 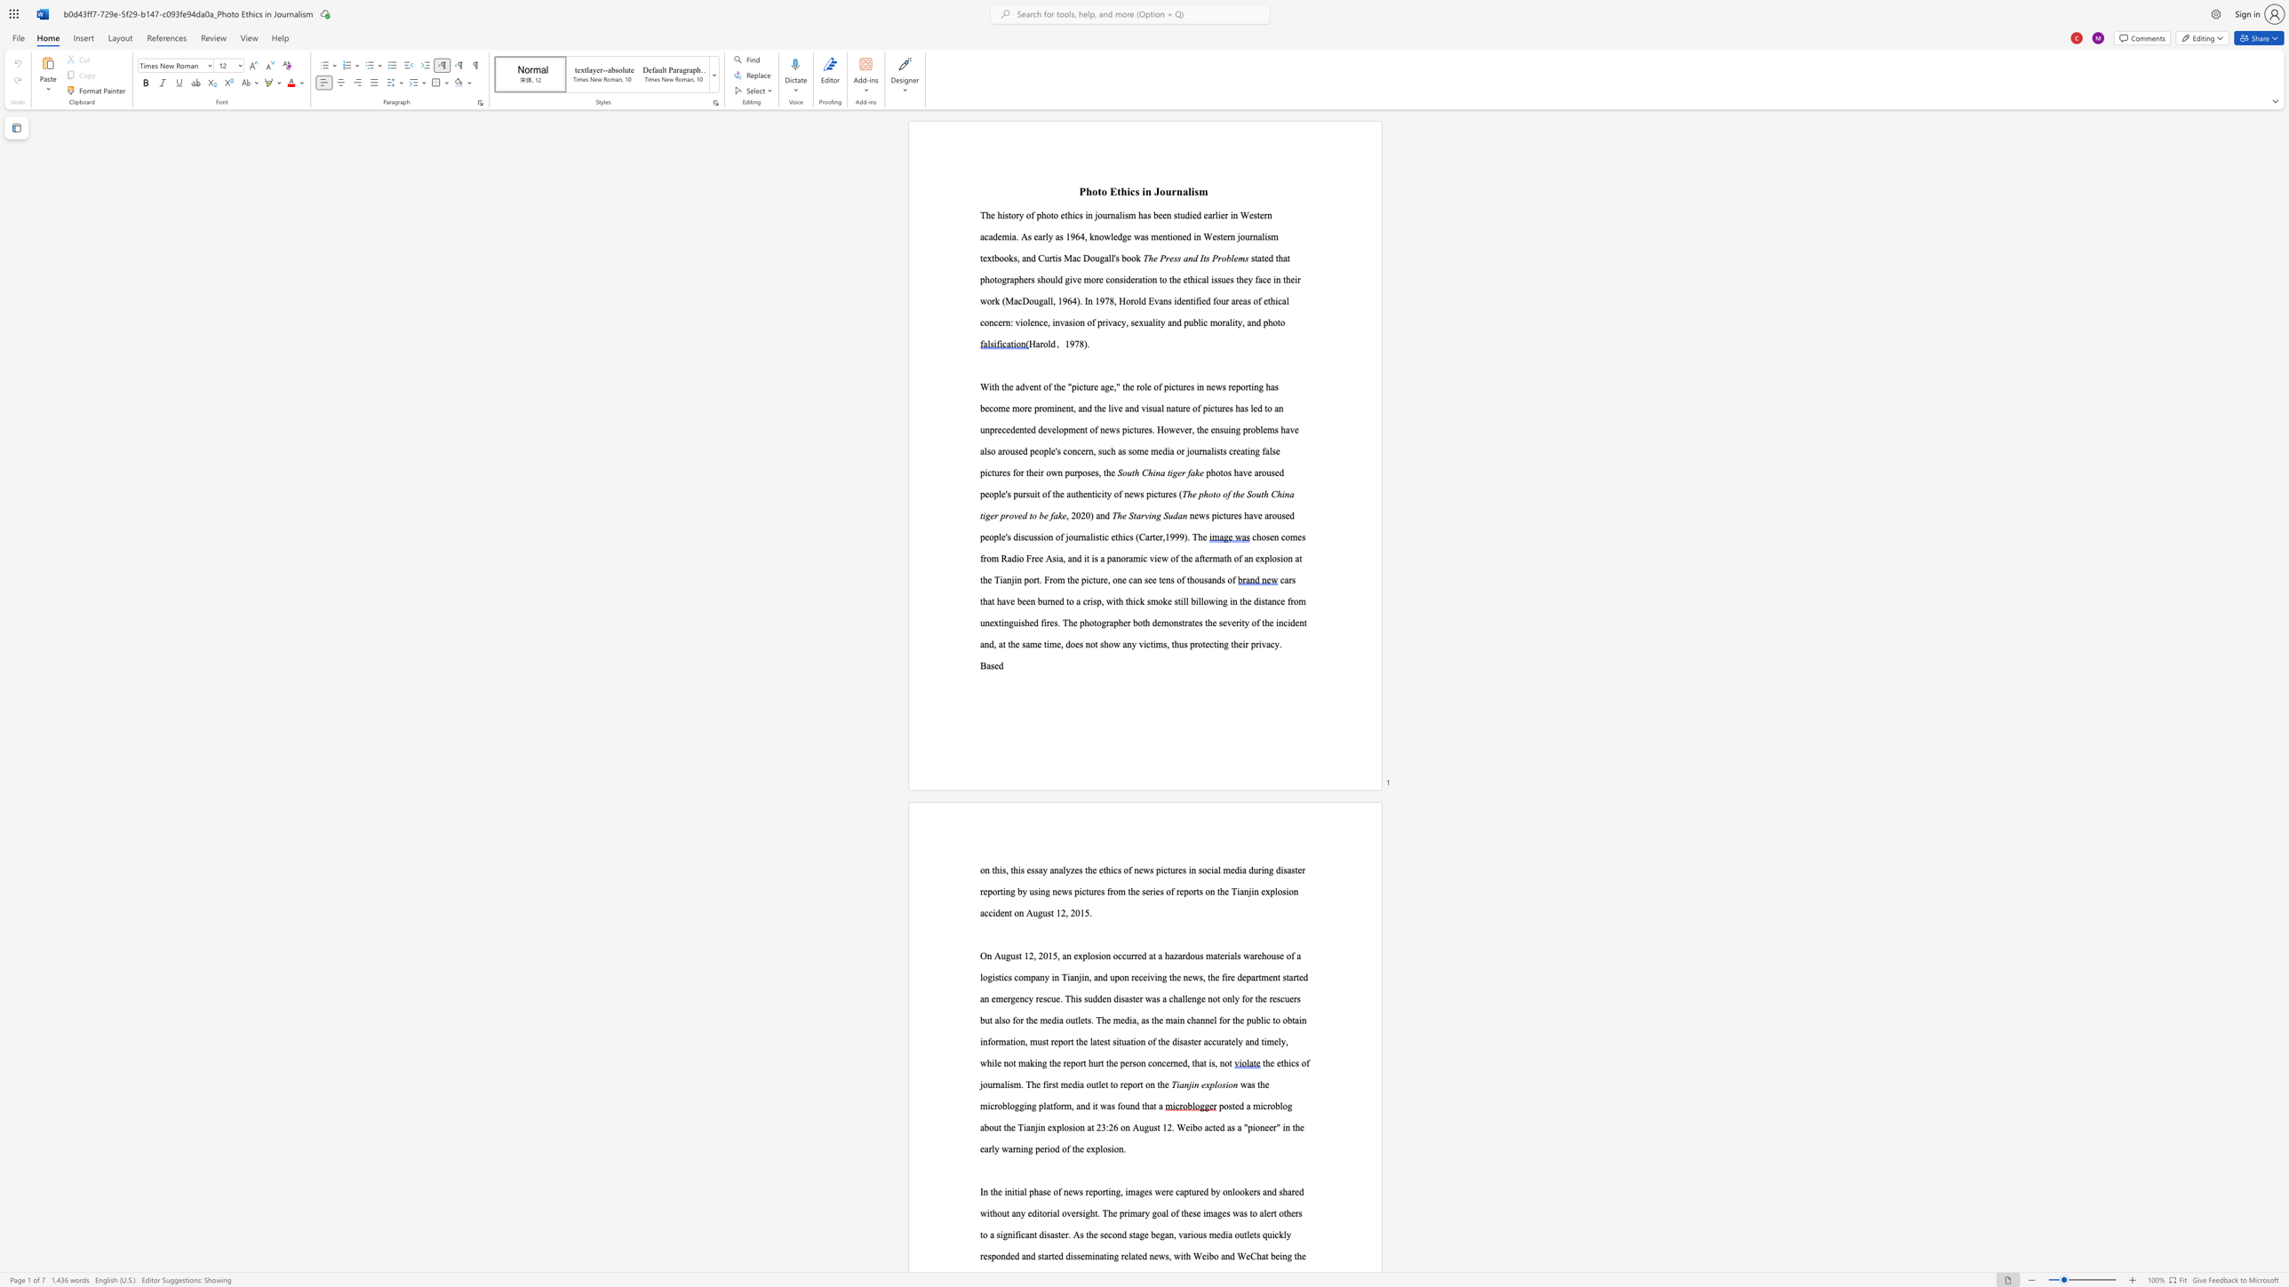 What do you see at coordinates (1060, 558) in the screenshot?
I see `the 2th character "a" in the text` at bounding box center [1060, 558].